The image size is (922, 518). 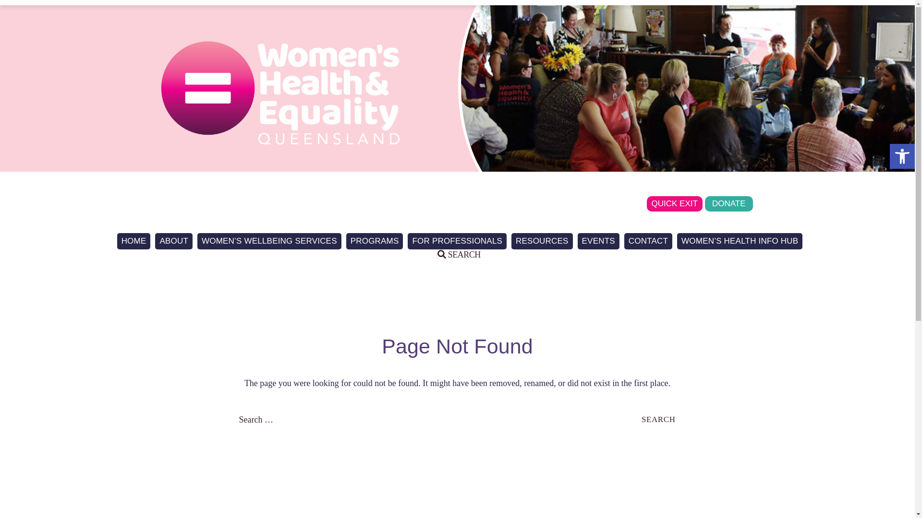 I want to click on 'PROGRAMS', so click(x=374, y=240).